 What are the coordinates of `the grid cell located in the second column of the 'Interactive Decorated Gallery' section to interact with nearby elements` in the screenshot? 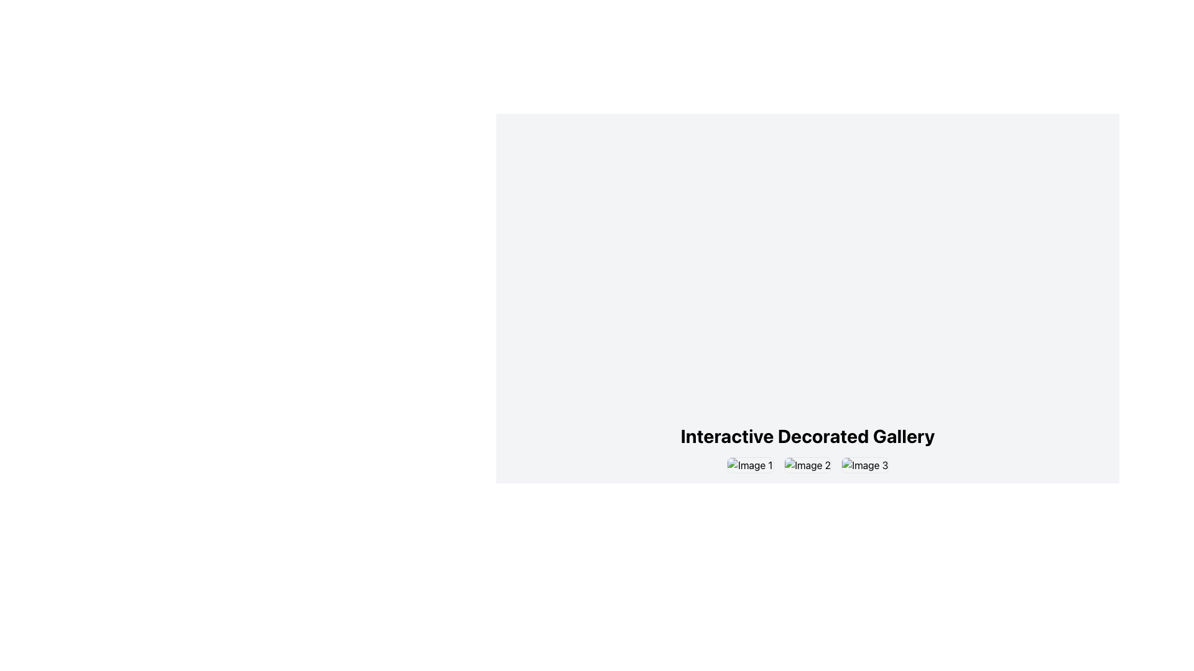 It's located at (807, 465).